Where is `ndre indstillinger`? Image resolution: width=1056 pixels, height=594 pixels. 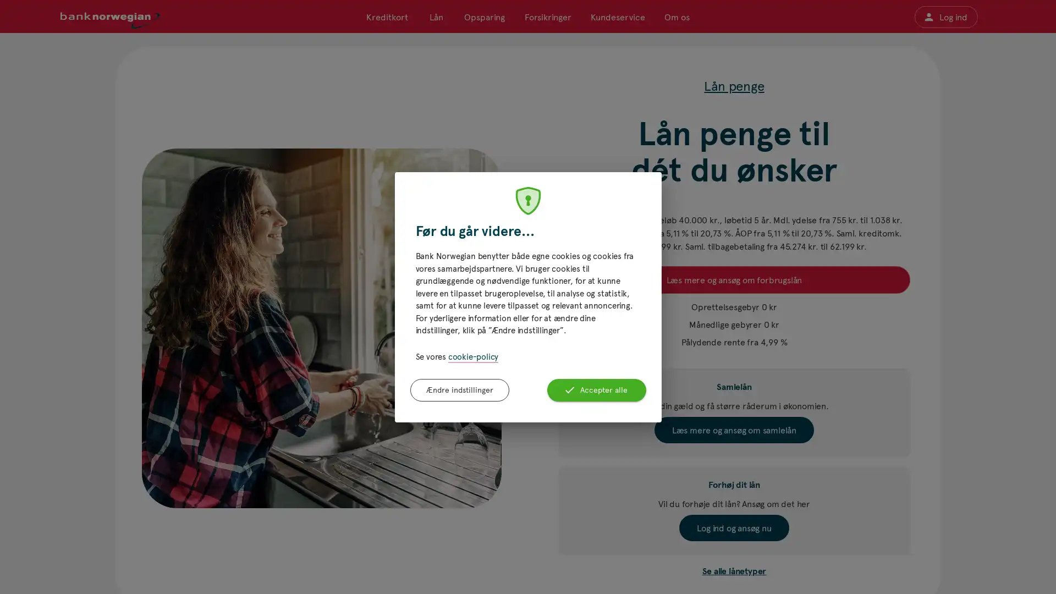
ndre indstillinger is located at coordinates (459, 389).